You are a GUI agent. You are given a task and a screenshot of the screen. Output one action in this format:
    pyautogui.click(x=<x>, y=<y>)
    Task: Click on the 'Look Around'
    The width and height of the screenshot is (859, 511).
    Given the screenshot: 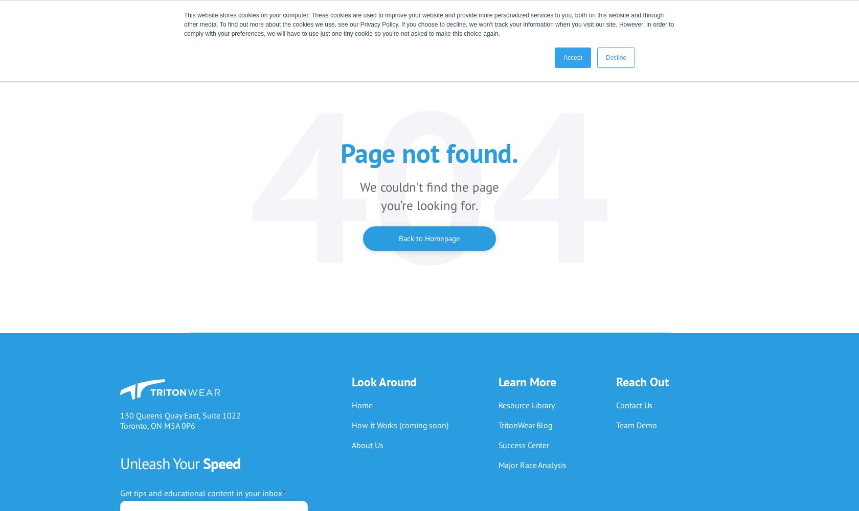 What is the action you would take?
    pyautogui.click(x=384, y=381)
    